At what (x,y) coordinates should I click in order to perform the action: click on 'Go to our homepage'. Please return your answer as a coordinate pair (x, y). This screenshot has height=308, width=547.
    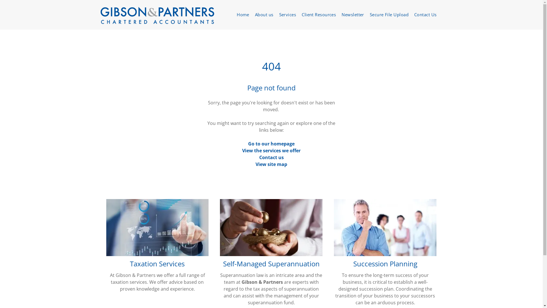
    Looking at the image, I should click on (271, 143).